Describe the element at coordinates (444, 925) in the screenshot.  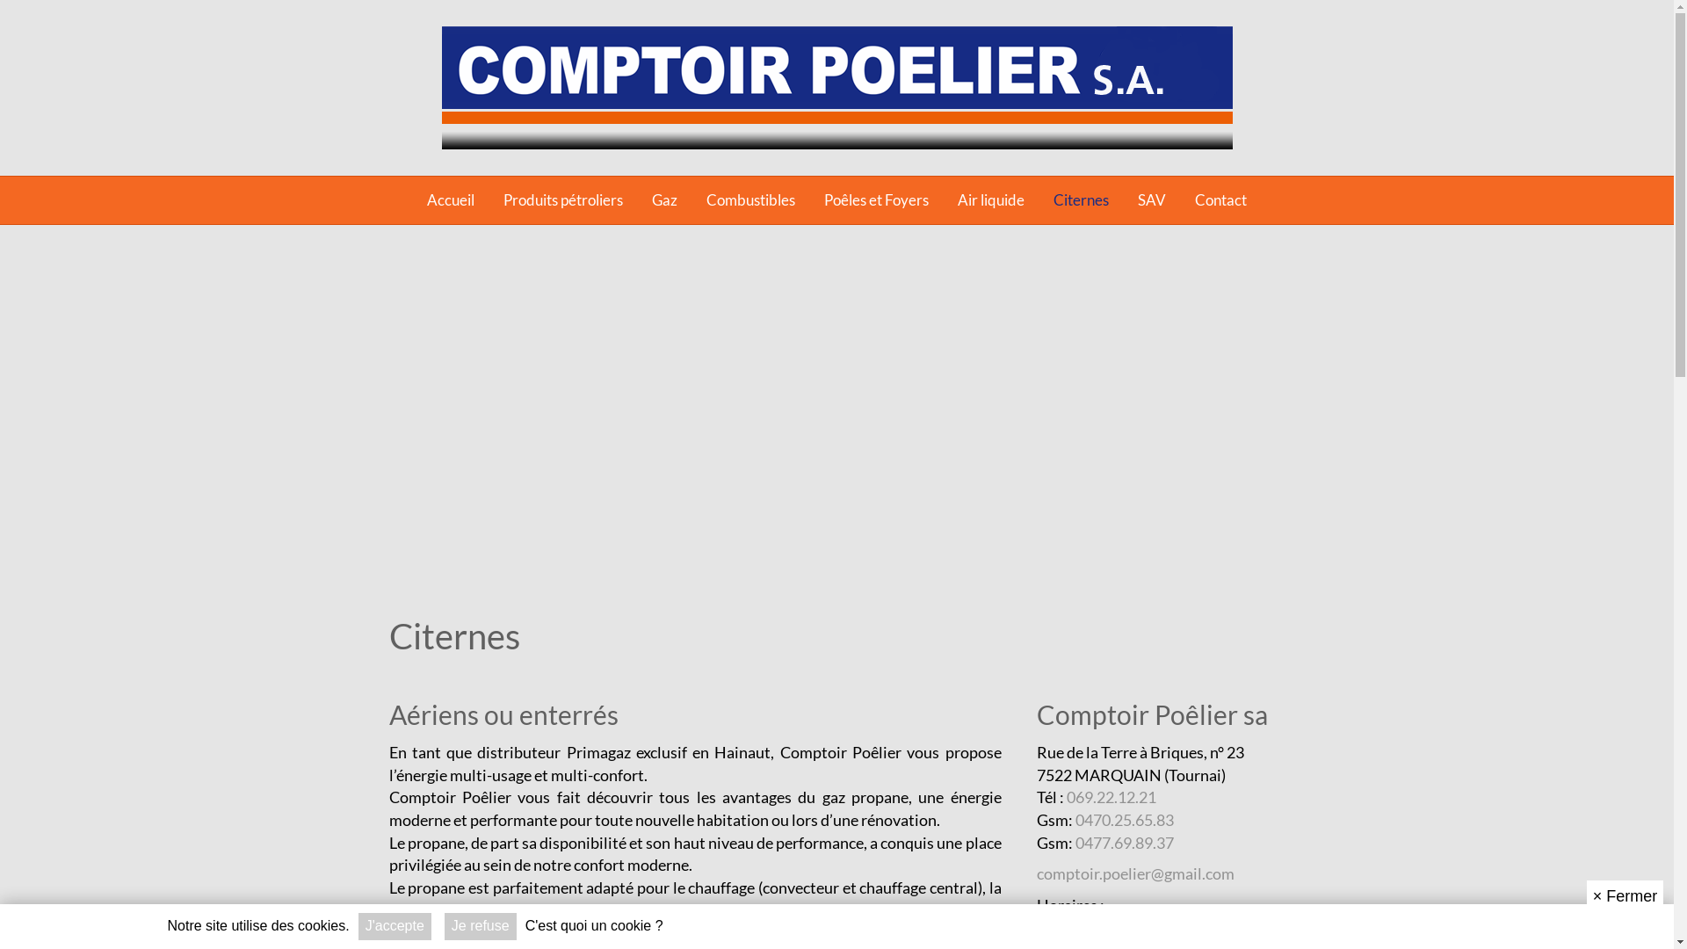
I see `'Je refuse'` at that location.